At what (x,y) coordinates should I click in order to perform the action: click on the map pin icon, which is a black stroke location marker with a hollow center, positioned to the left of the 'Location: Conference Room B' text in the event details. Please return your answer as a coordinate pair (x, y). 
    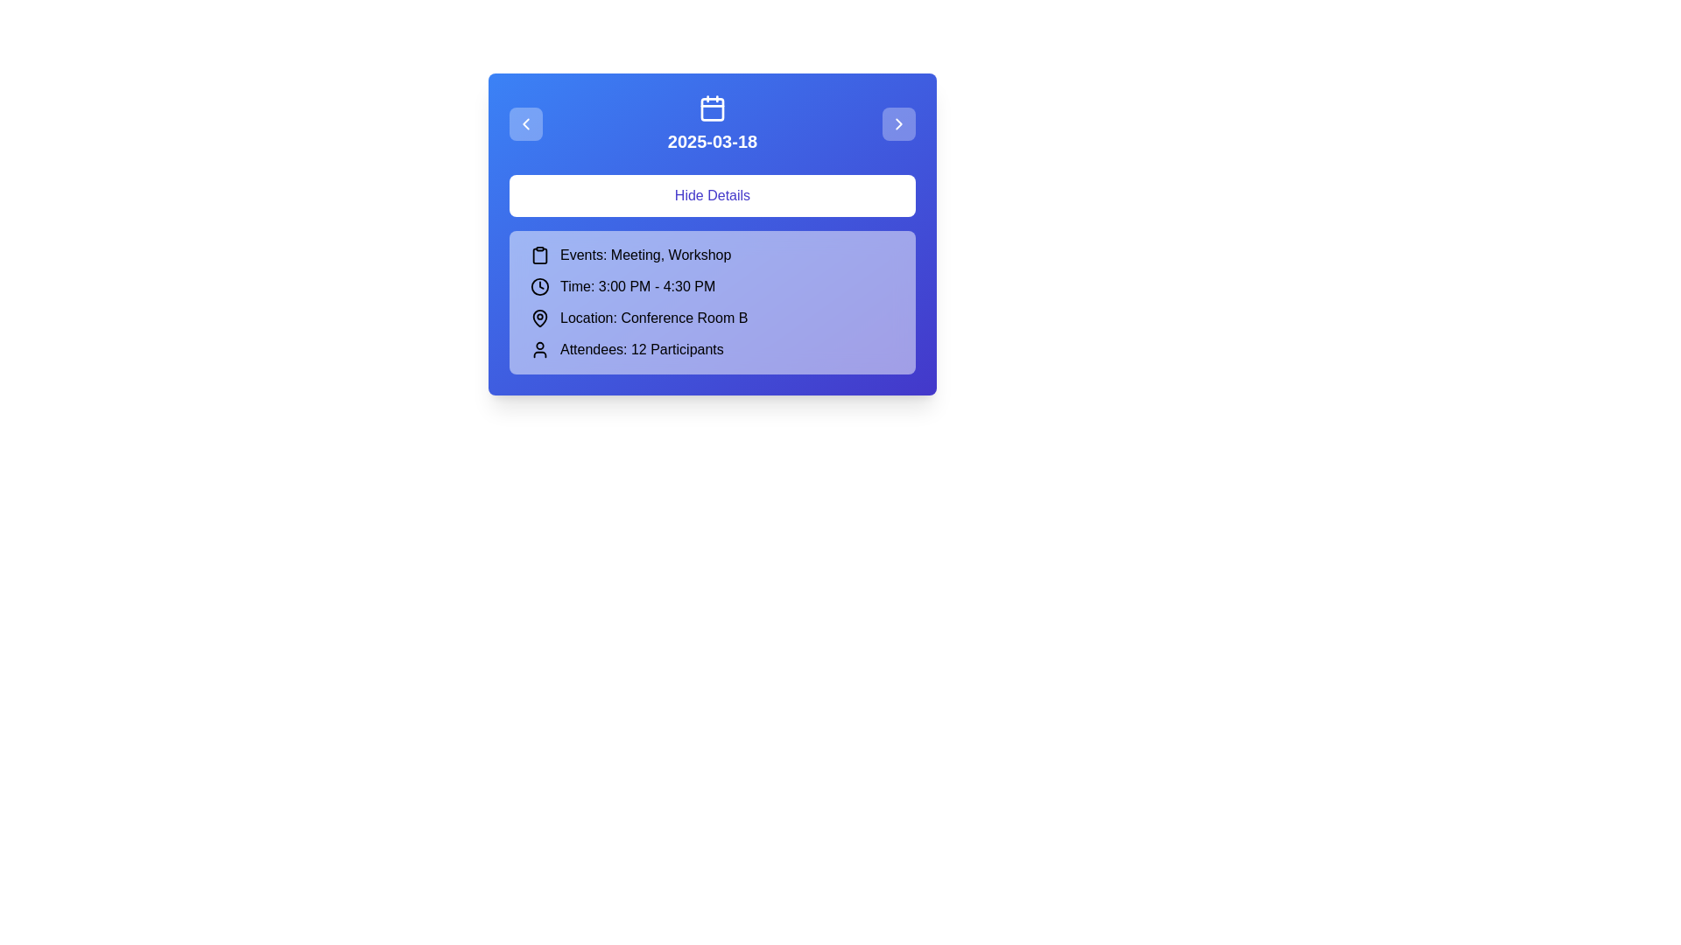
    Looking at the image, I should click on (539, 317).